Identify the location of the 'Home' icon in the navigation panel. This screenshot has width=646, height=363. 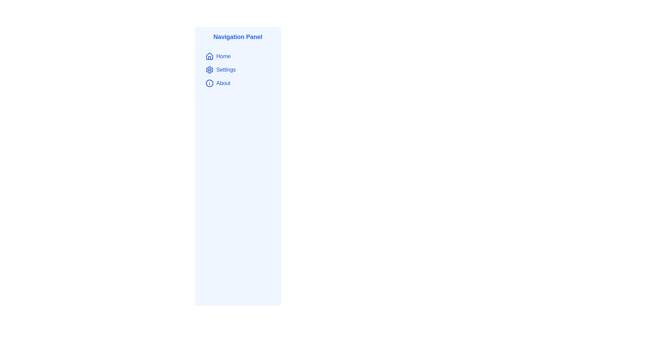
(209, 55).